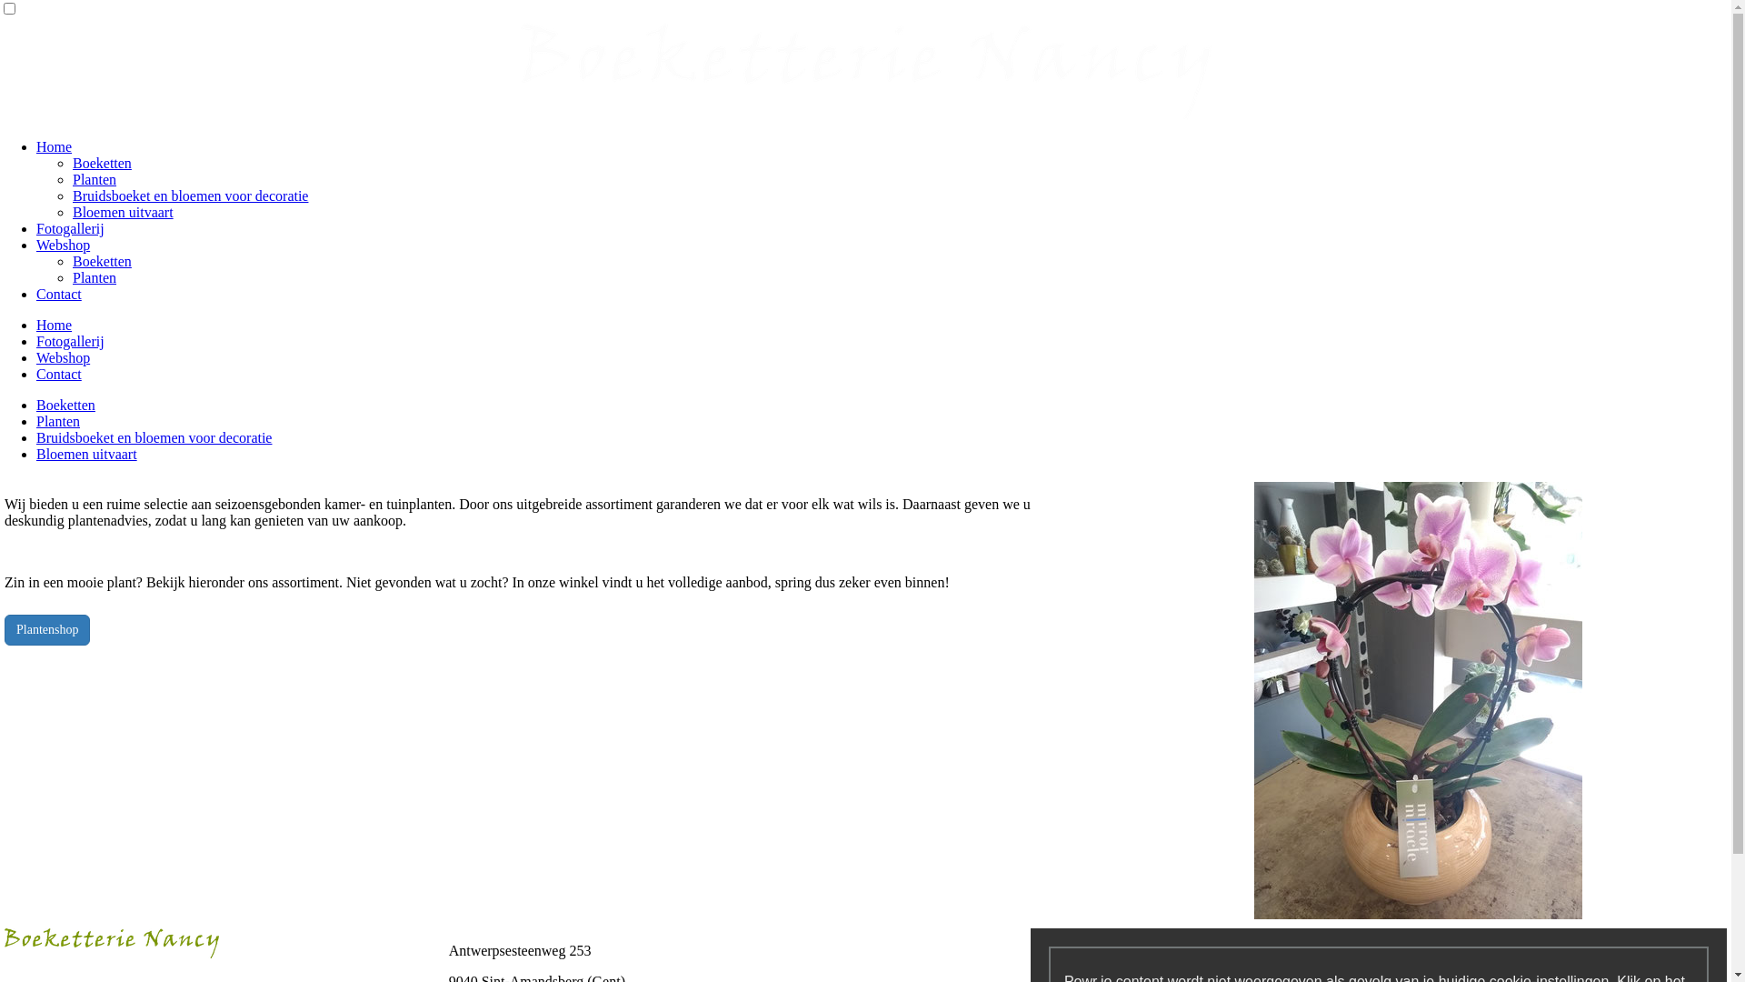  I want to click on 'Bruidsboeket en bloemen voor decoratie', so click(154, 437).